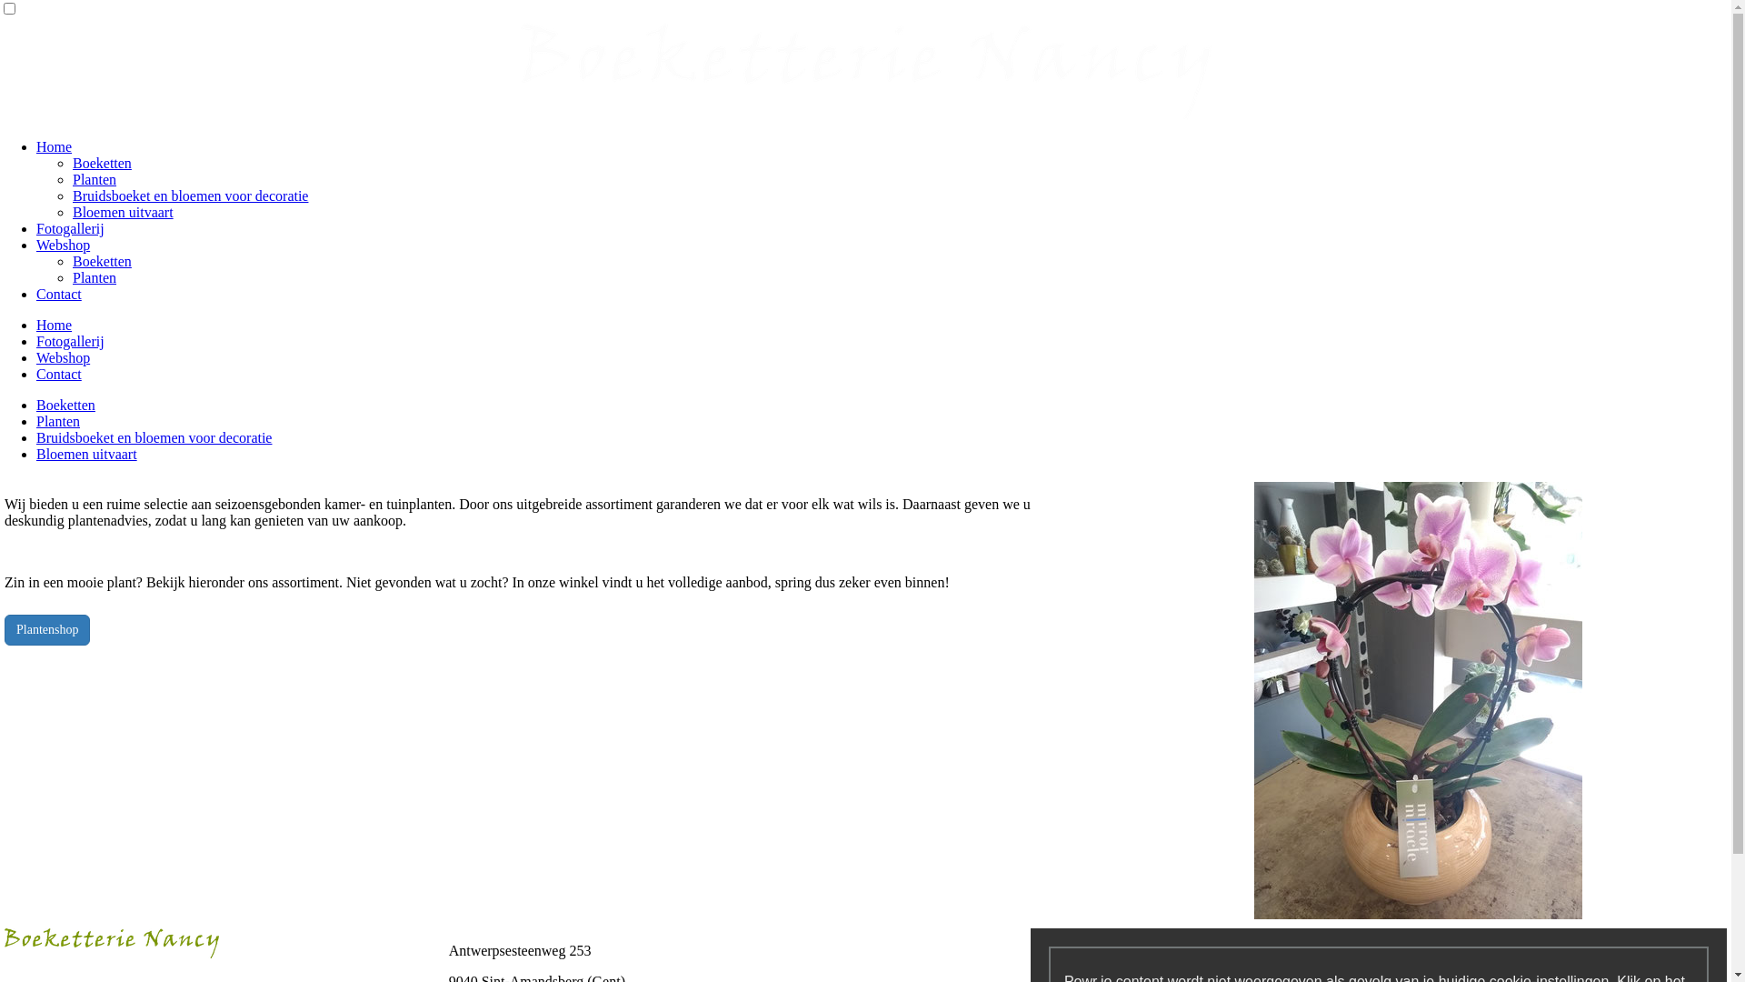  I want to click on 'Bruidsboeket en bloemen voor decoratie', so click(154, 437).